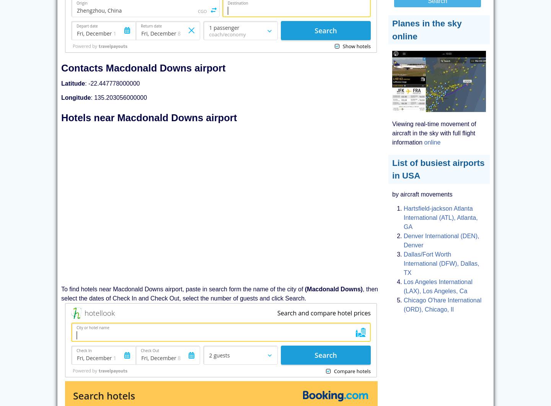  What do you see at coordinates (432, 141) in the screenshot?
I see `'online'` at bounding box center [432, 141].